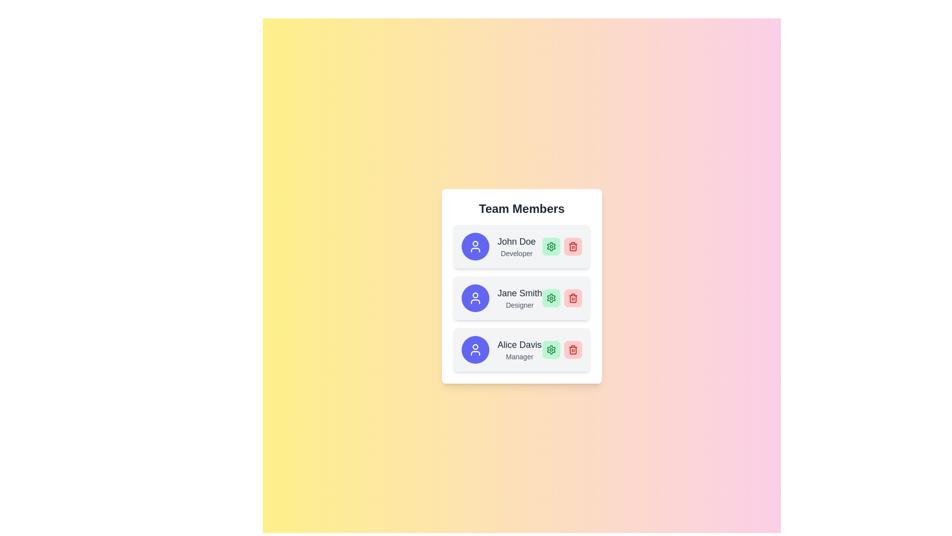 This screenshot has width=952, height=536. What do you see at coordinates (519, 298) in the screenshot?
I see `text from the profile block displaying 'Jane Smith' and 'Designer', which is located in the second row of user profiles` at bounding box center [519, 298].